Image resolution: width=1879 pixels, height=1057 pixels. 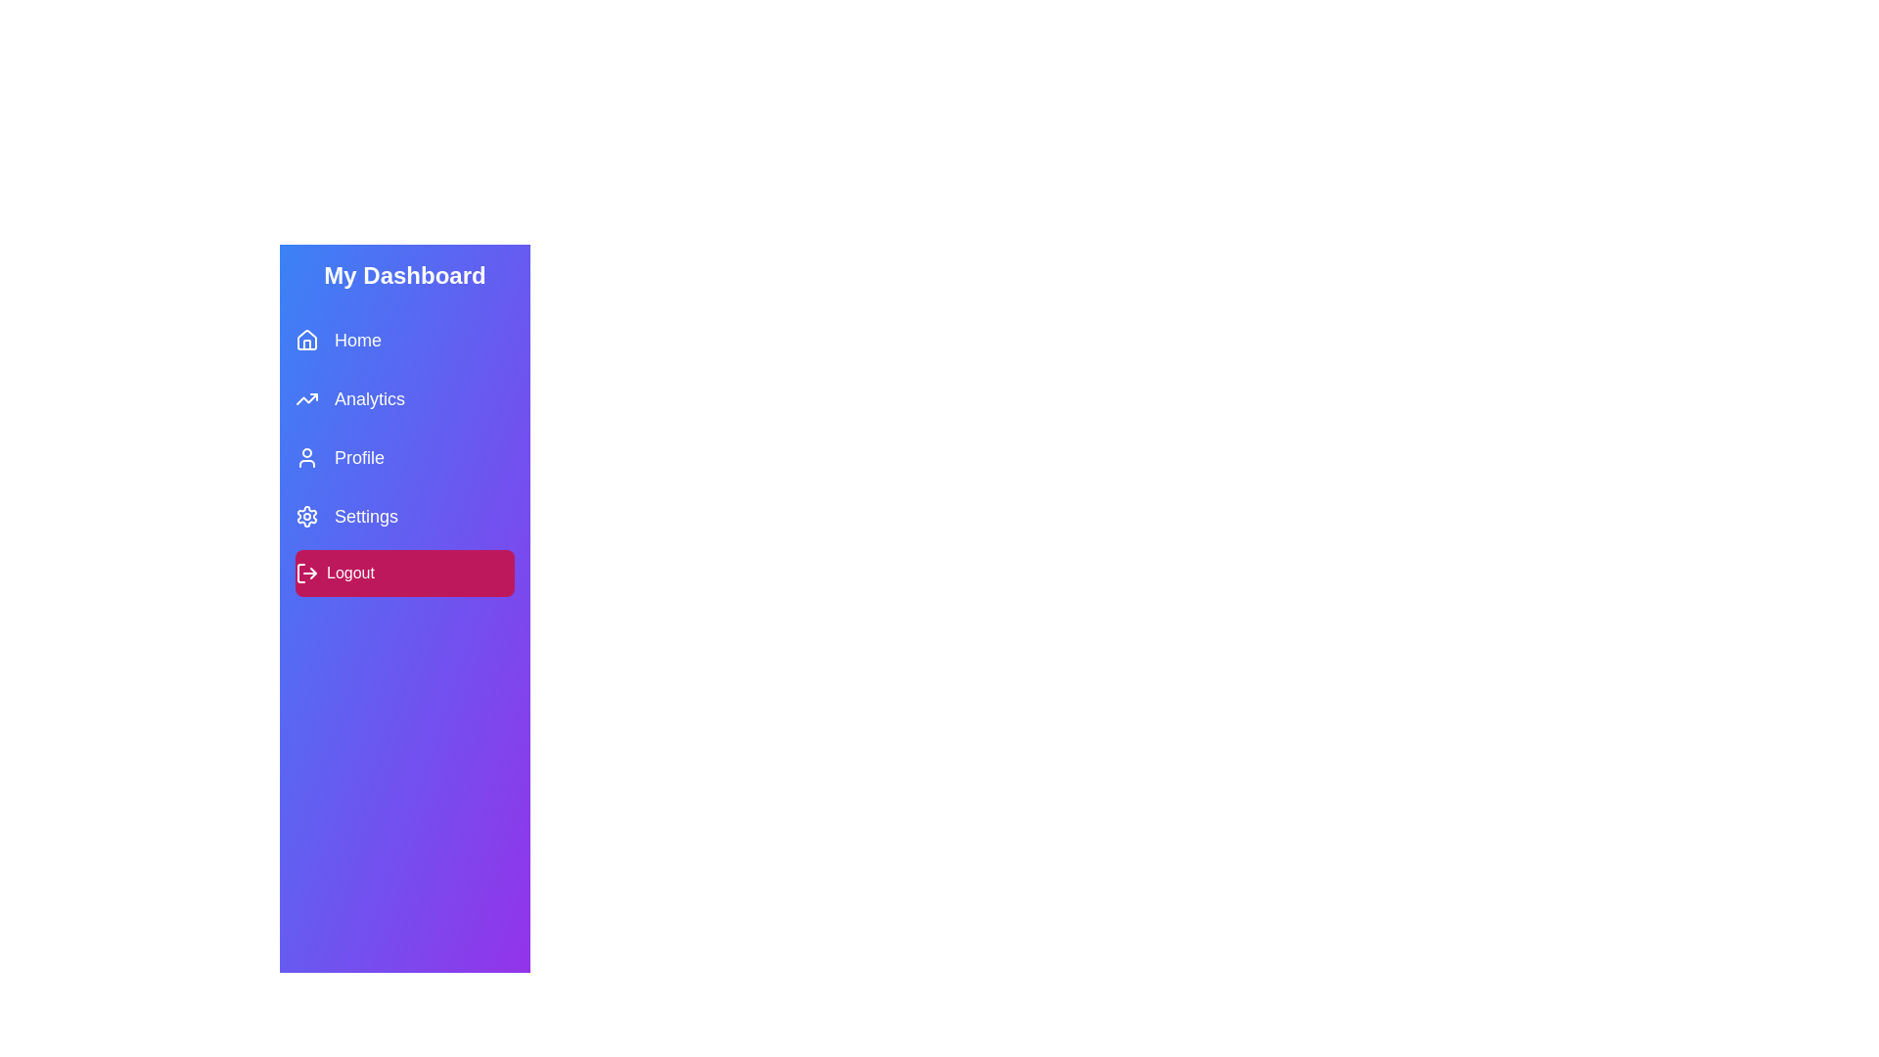 What do you see at coordinates (350, 573) in the screenshot?
I see `the text label inside the pink rectangular button that indicates a logout action, located at the bottom of a vertical menu` at bounding box center [350, 573].